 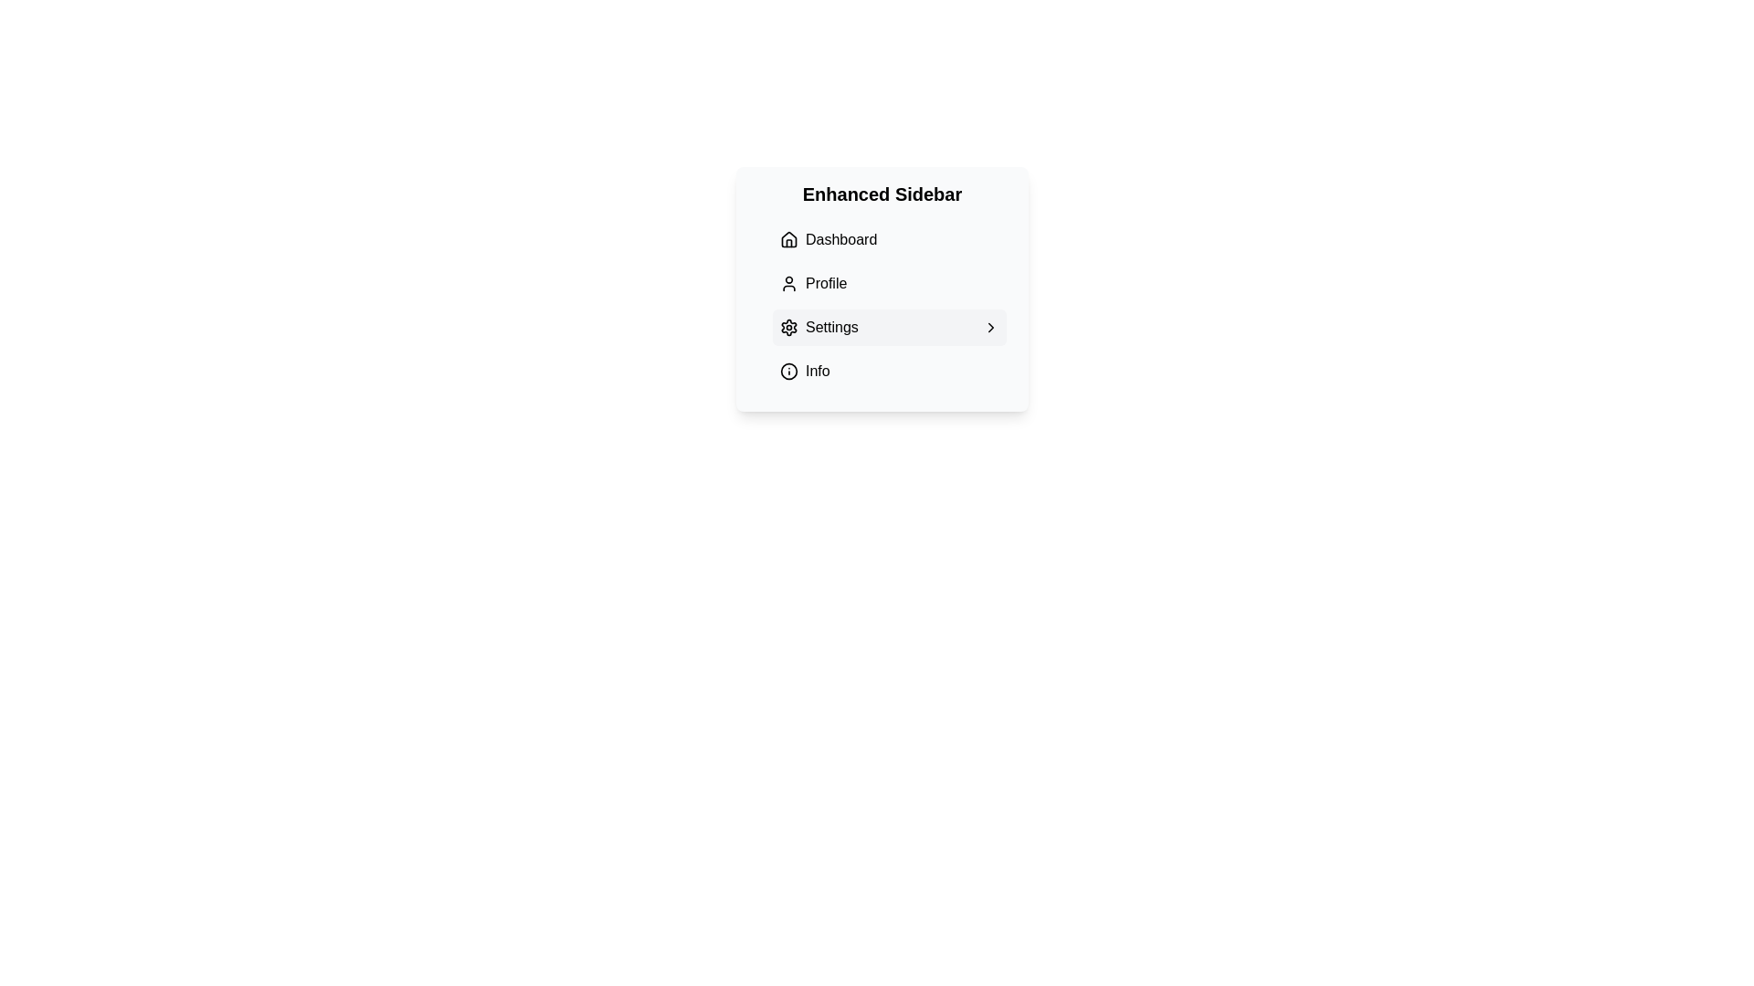 What do you see at coordinates (890, 284) in the screenshot?
I see `the 'Profile' menu item in the Enhanced Sidebar to prepare for interaction` at bounding box center [890, 284].